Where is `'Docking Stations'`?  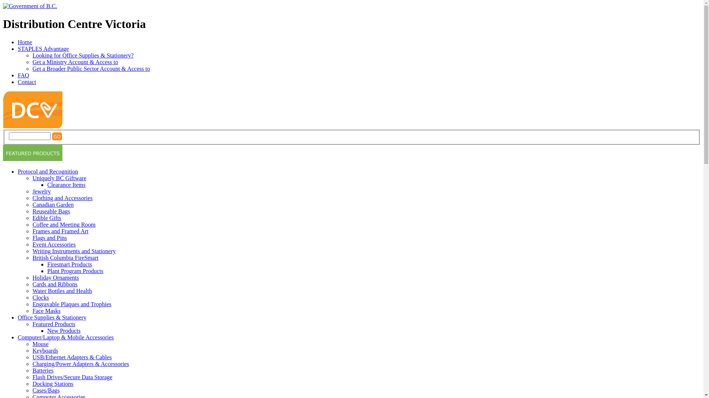
'Docking Stations' is located at coordinates (32, 383).